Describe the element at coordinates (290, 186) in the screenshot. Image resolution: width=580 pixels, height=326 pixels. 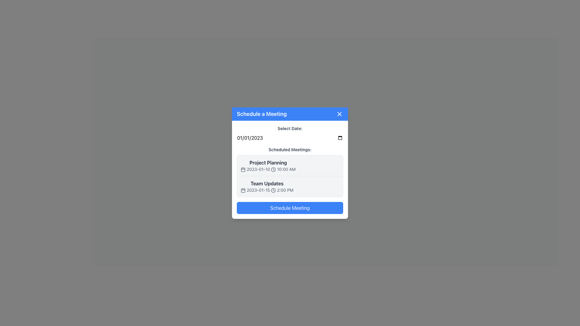
I see `the list item displaying information about the scheduled meeting titled 'Team Updates'` at that location.